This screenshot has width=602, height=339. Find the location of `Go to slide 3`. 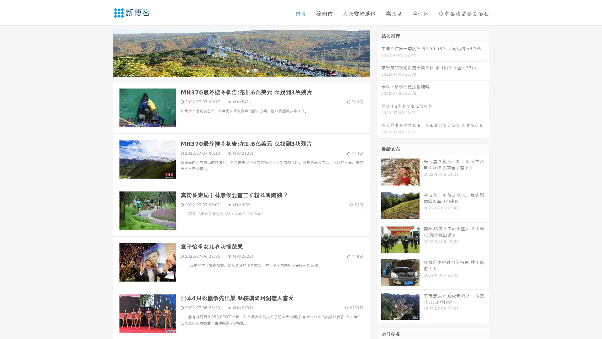

Go to slide 3 is located at coordinates (247, 71).